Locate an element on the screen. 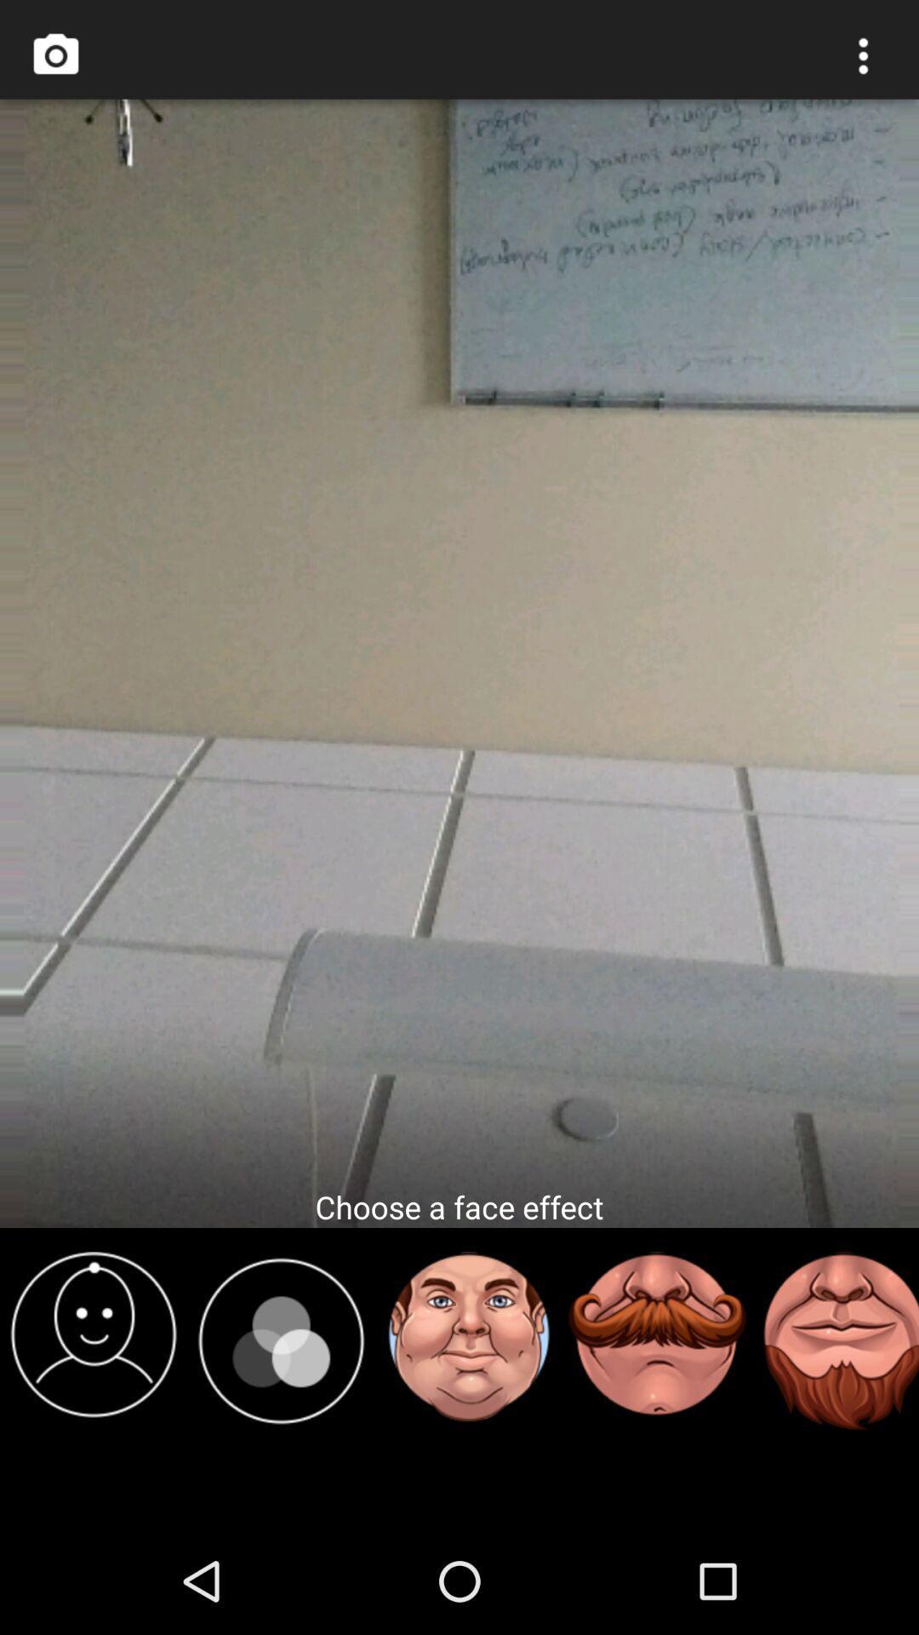 The height and width of the screenshot is (1635, 919). the more icon is located at coordinates (863, 60).